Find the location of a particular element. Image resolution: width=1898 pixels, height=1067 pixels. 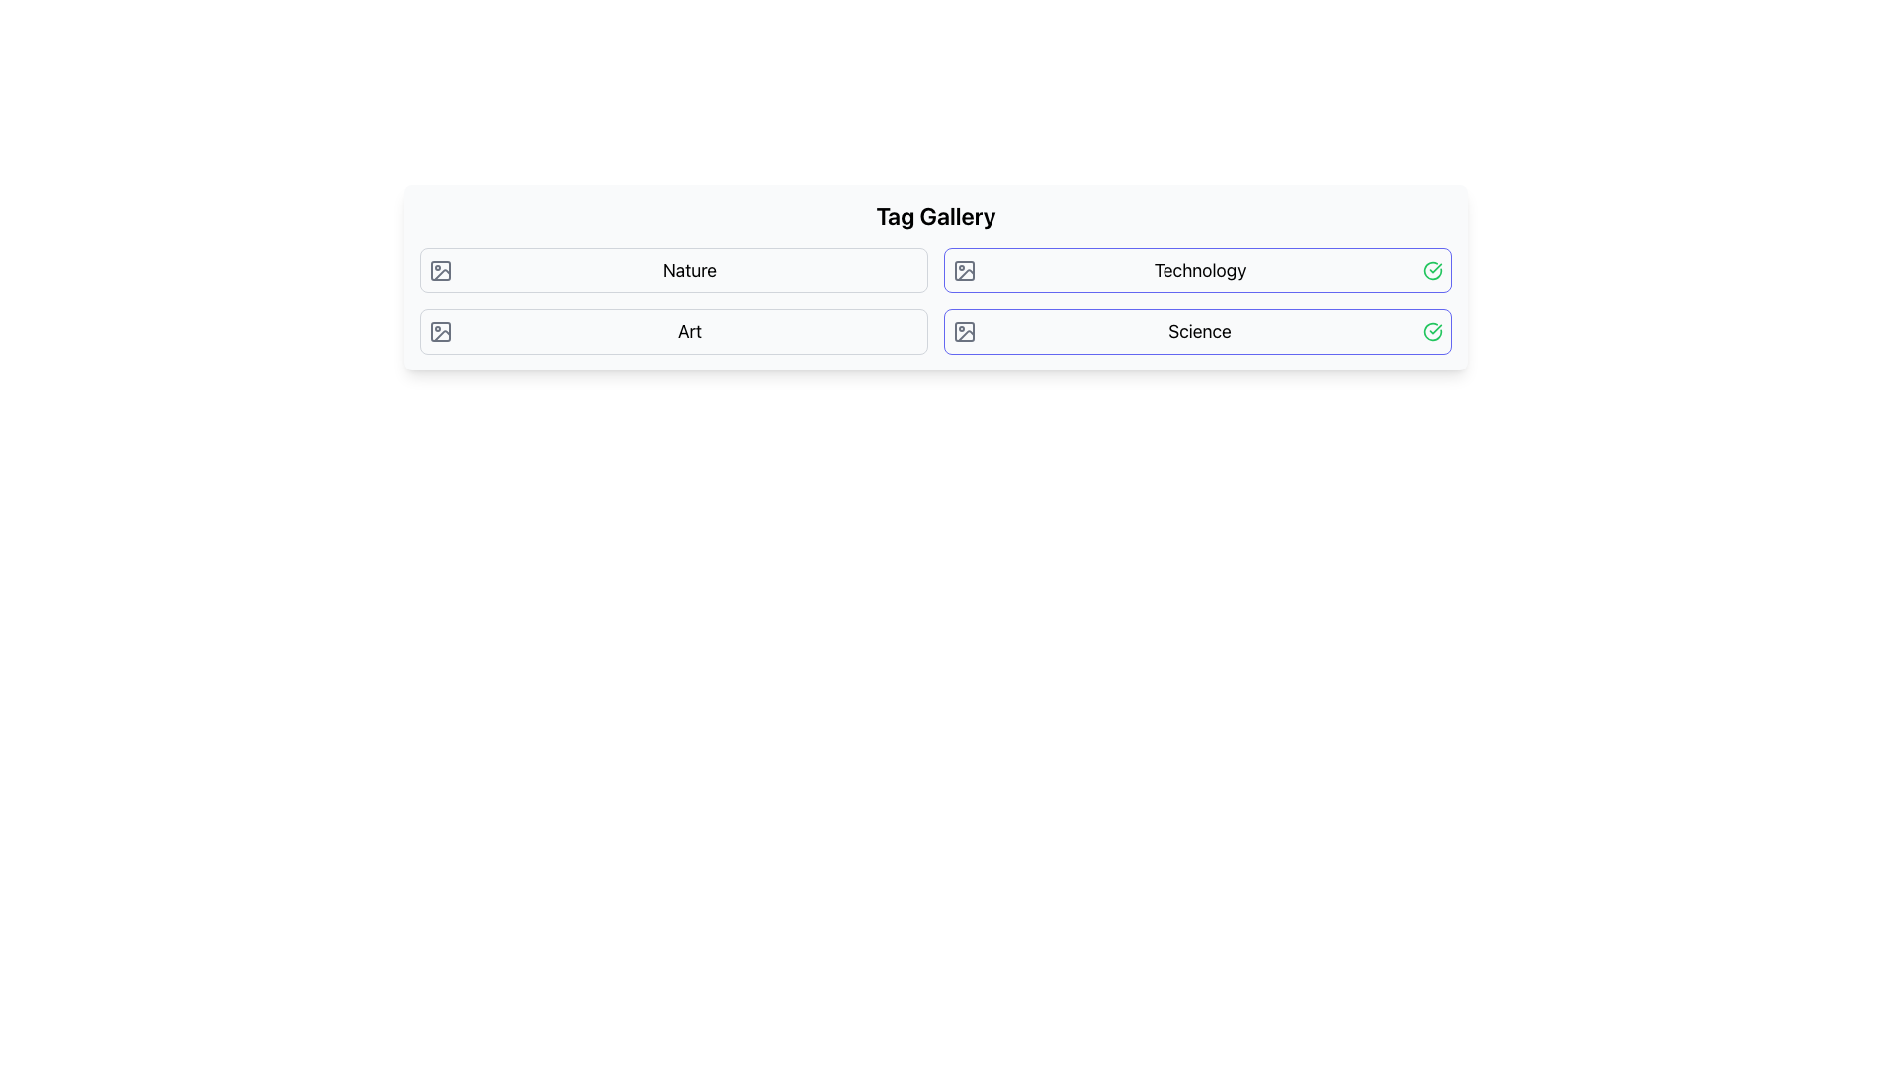

the 'Art' button is located at coordinates (673, 330).